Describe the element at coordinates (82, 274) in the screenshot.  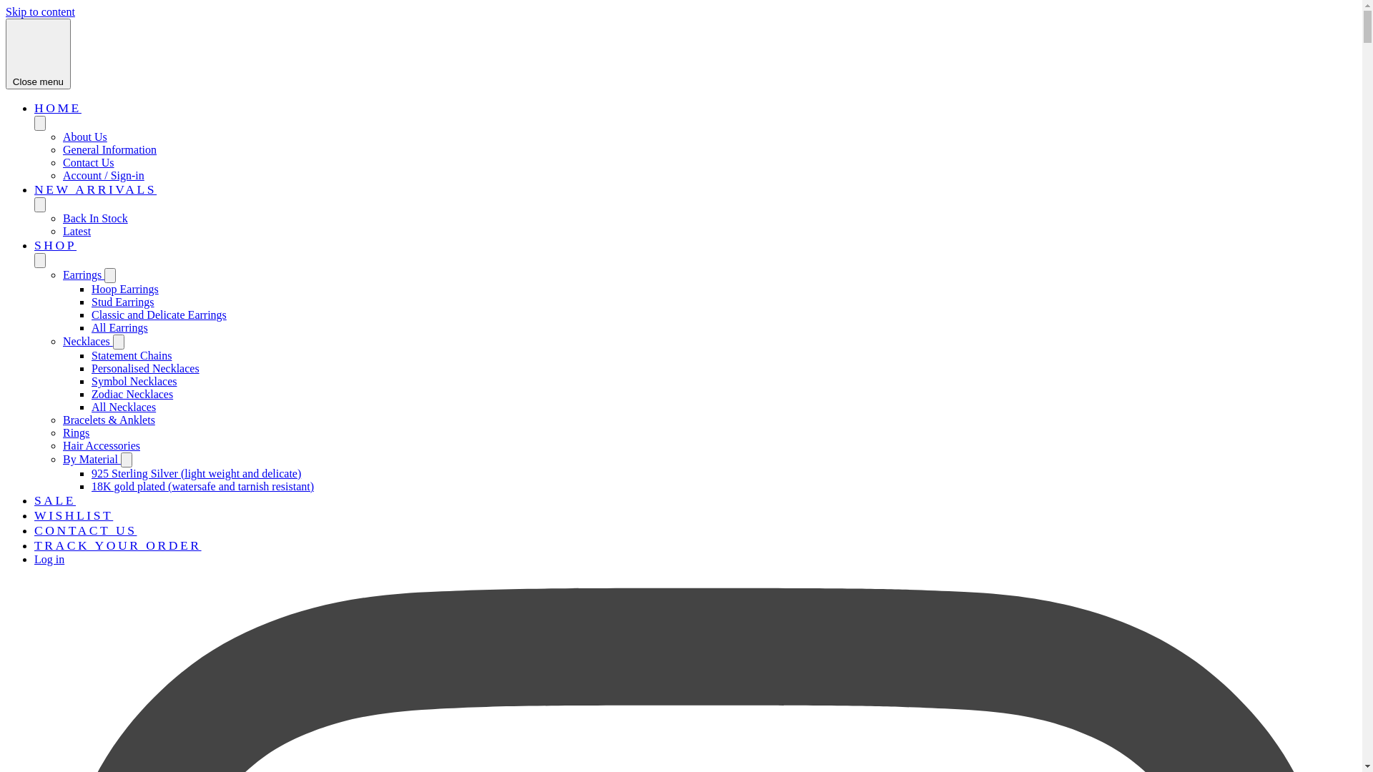
I see `'Earrings'` at that location.